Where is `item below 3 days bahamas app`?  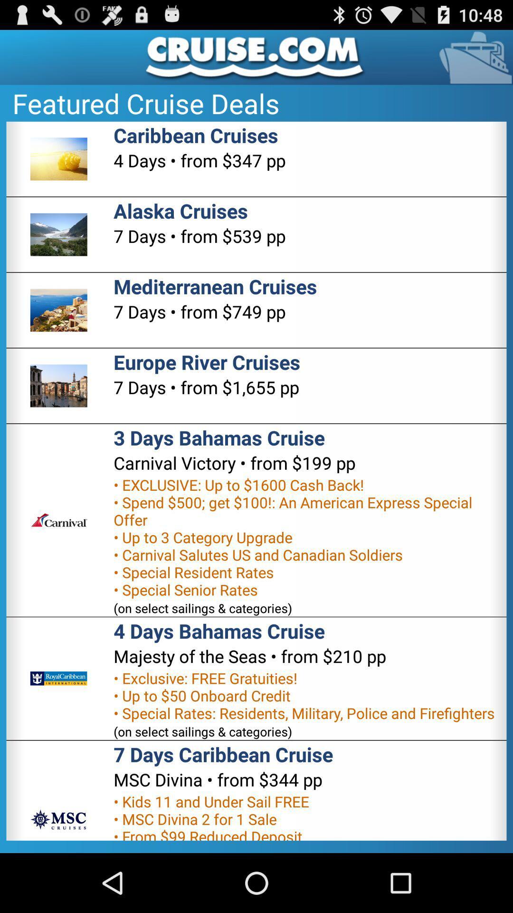
item below 3 days bahamas app is located at coordinates (234, 463).